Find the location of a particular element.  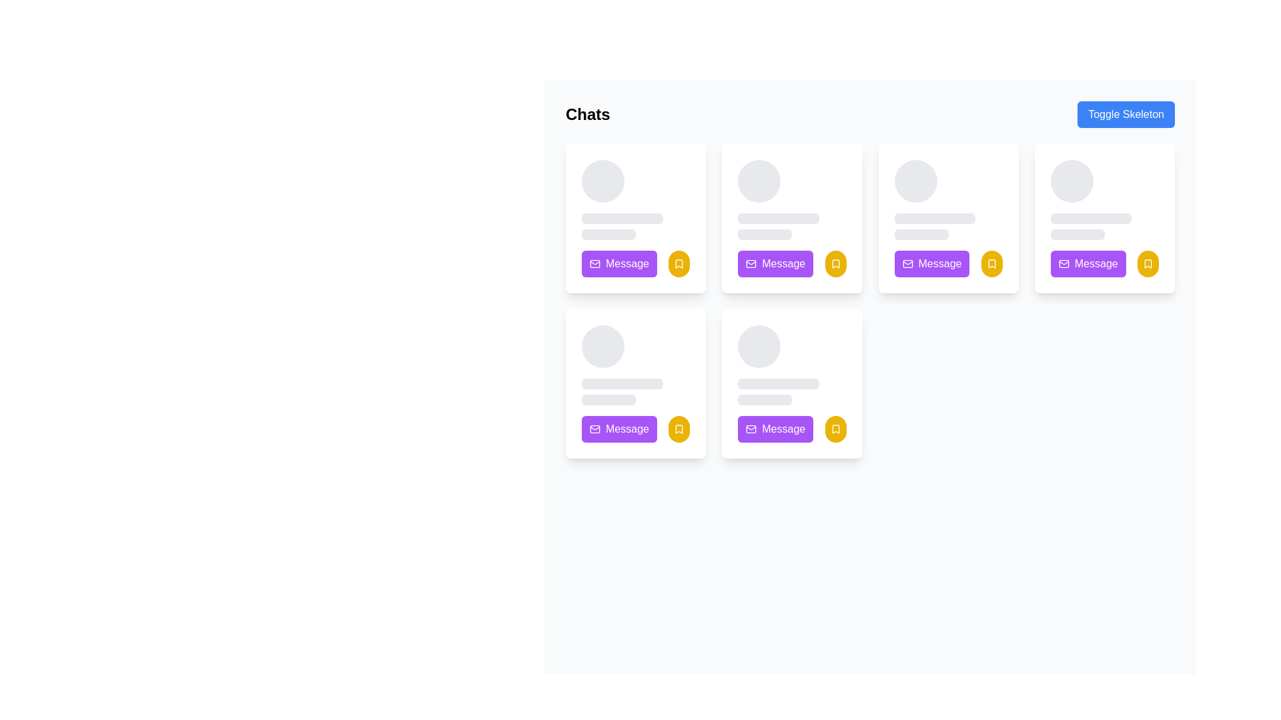

the envelope icon with a purple background located to the left of the 'Message' text is located at coordinates (751, 264).